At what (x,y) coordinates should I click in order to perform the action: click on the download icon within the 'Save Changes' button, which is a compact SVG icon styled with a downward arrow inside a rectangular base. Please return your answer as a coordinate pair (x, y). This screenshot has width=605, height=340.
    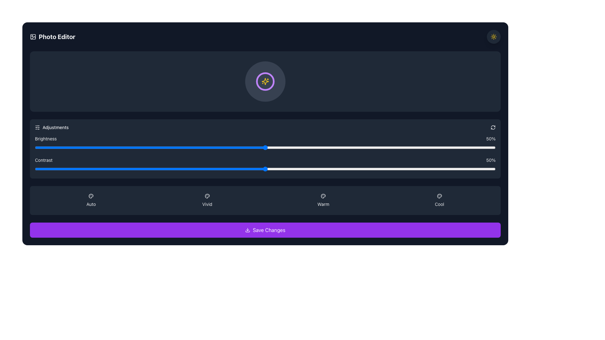
    Looking at the image, I should click on (247, 230).